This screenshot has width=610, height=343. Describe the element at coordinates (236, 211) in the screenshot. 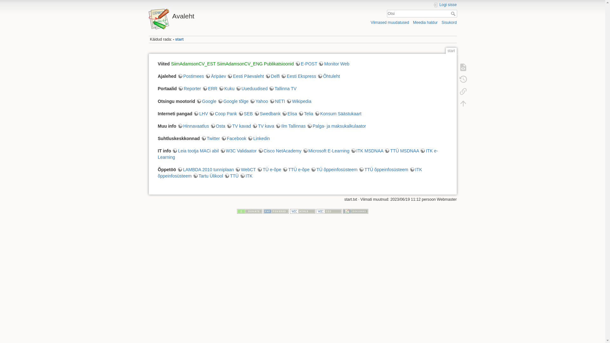

I see `'Donate'` at that location.